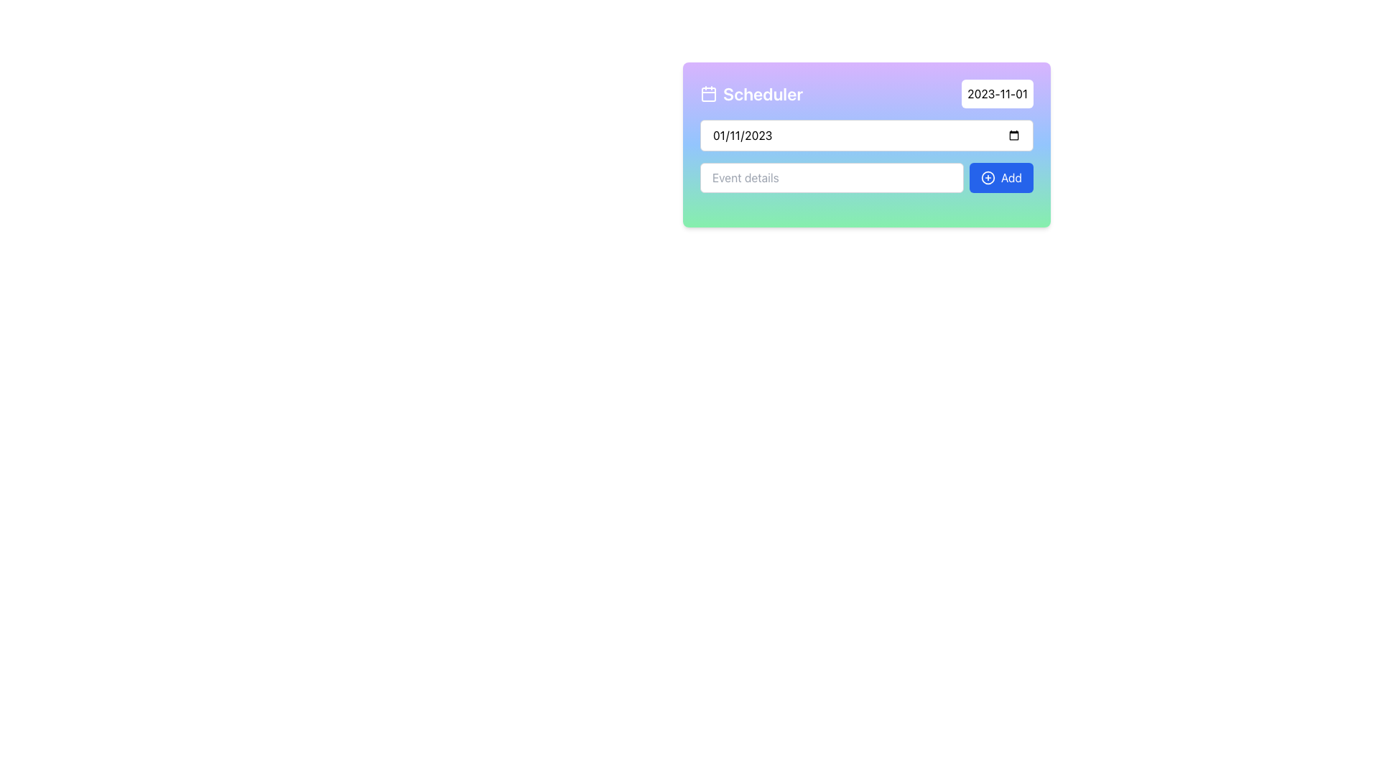 This screenshot has height=775, width=1379. Describe the element at coordinates (709, 94) in the screenshot. I see `the compact square calendar icon located to the left of the text 'Scheduler'` at that location.